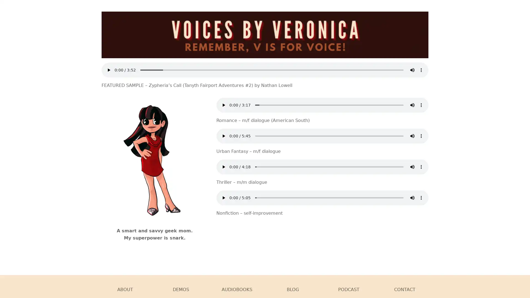 The width and height of the screenshot is (530, 298). Describe the element at coordinates (224, 105) in the screenshot. I see `play` at that location.